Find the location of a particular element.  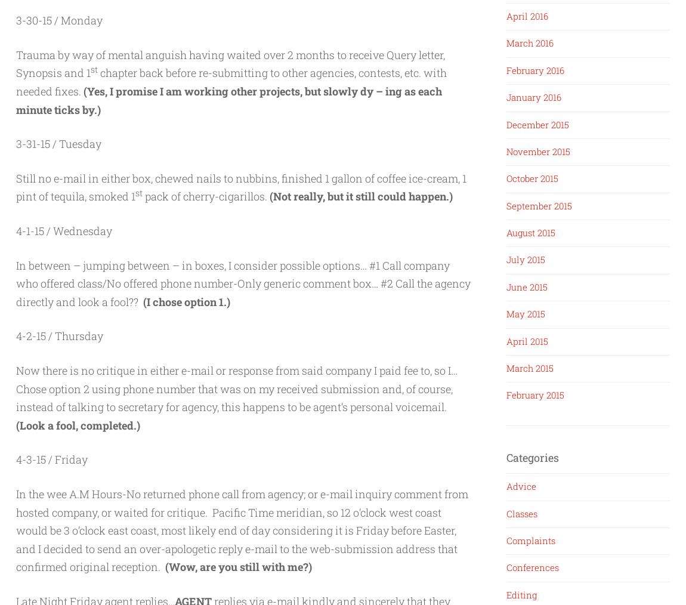

'April 2016' is located at coordinates (527, 15).